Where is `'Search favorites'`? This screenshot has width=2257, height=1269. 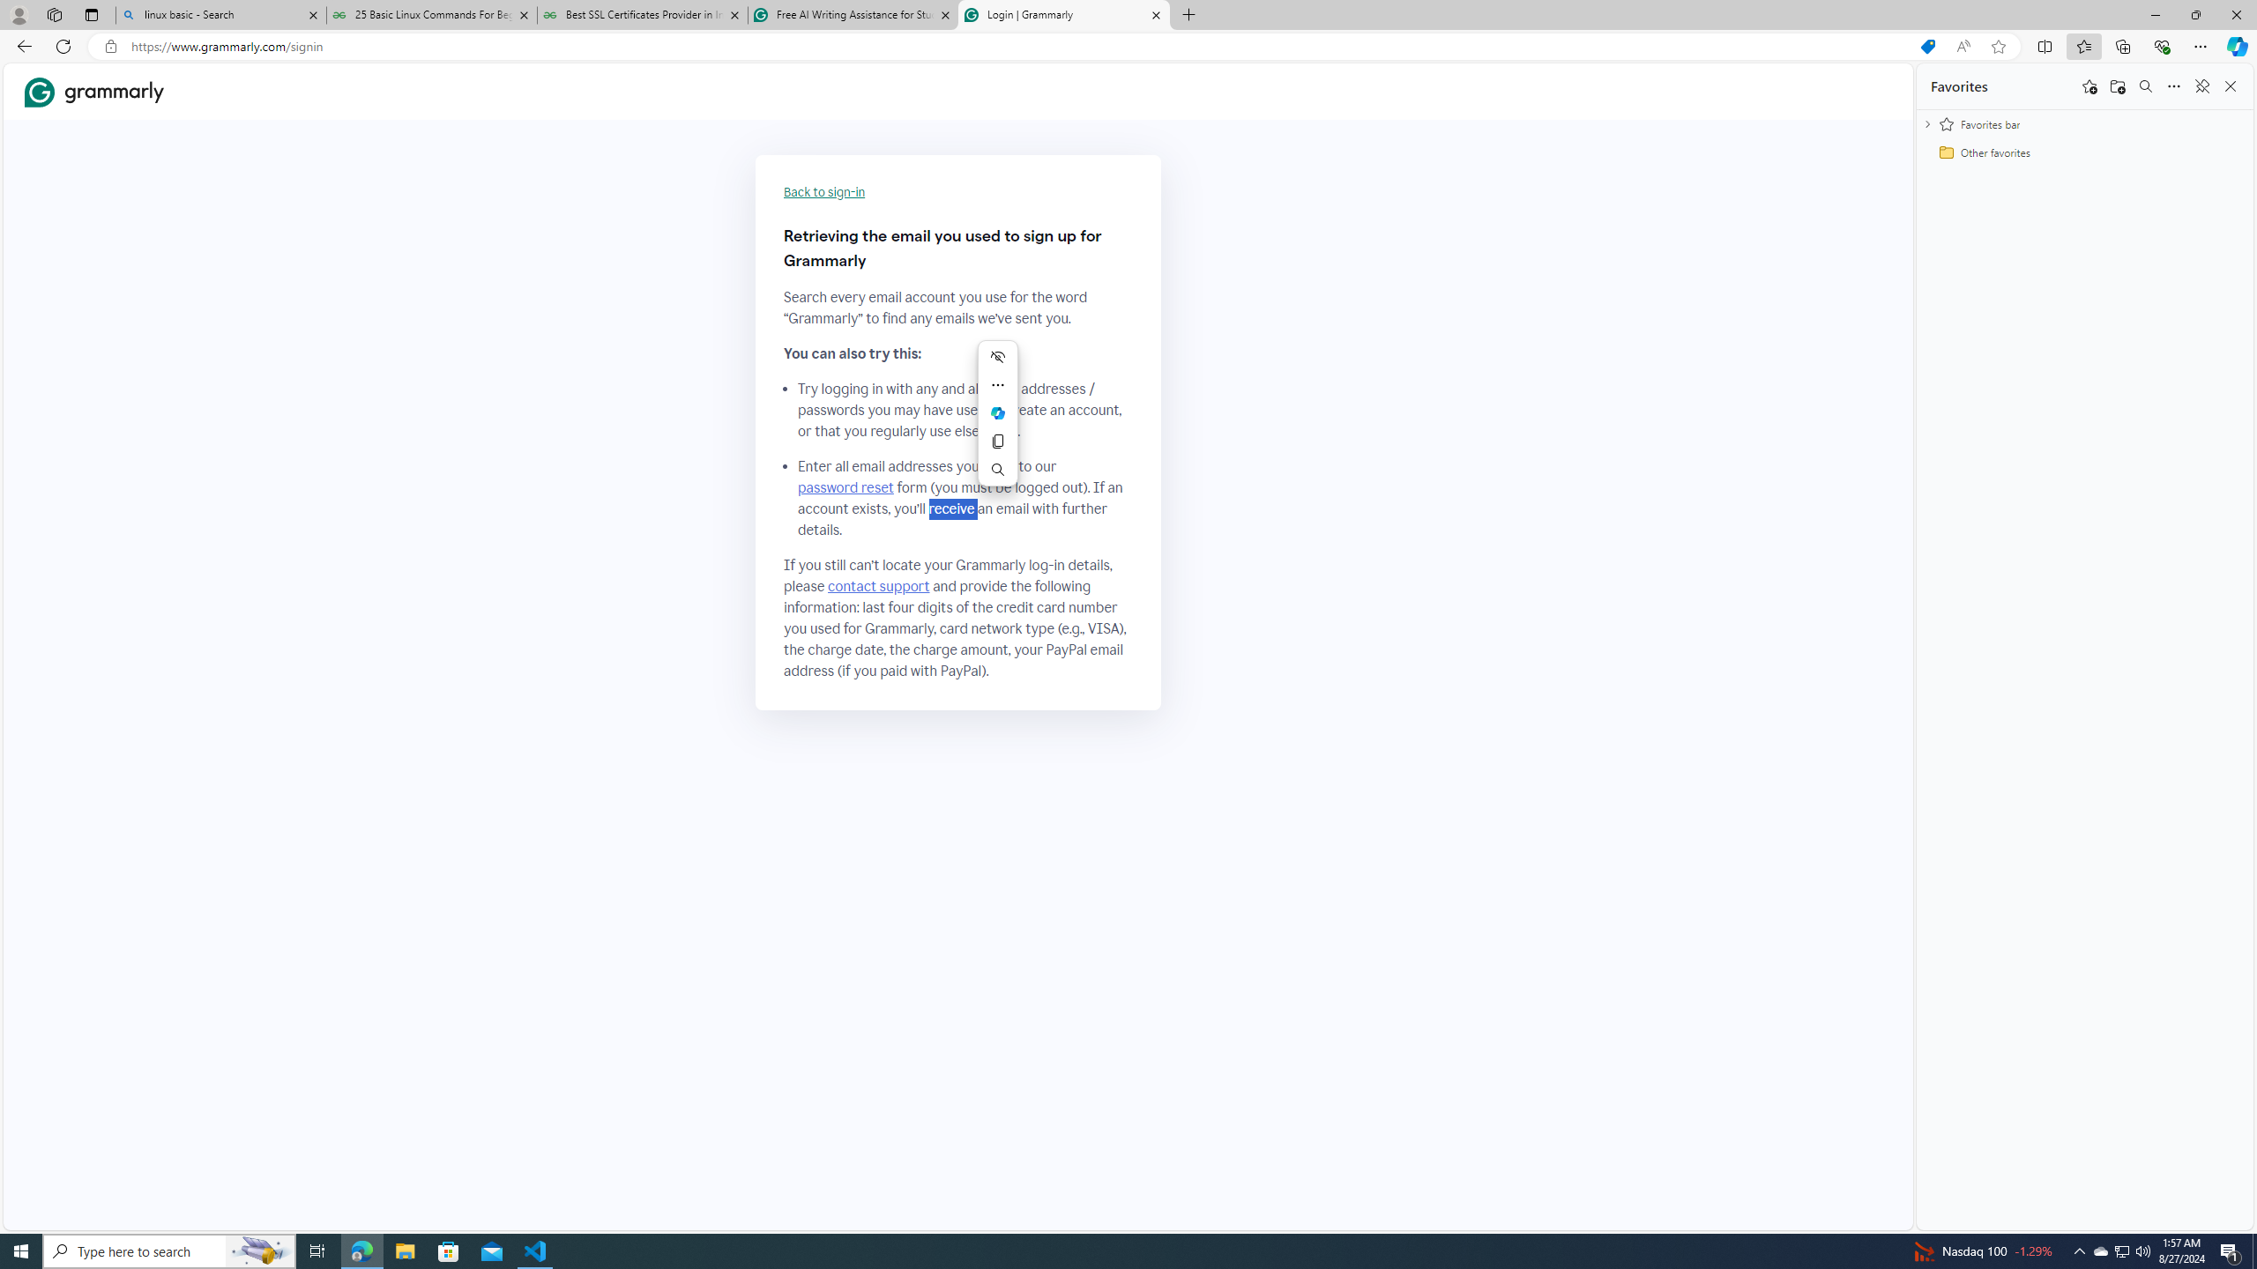
'Search favorites' is located at coordinates (2145, 85).